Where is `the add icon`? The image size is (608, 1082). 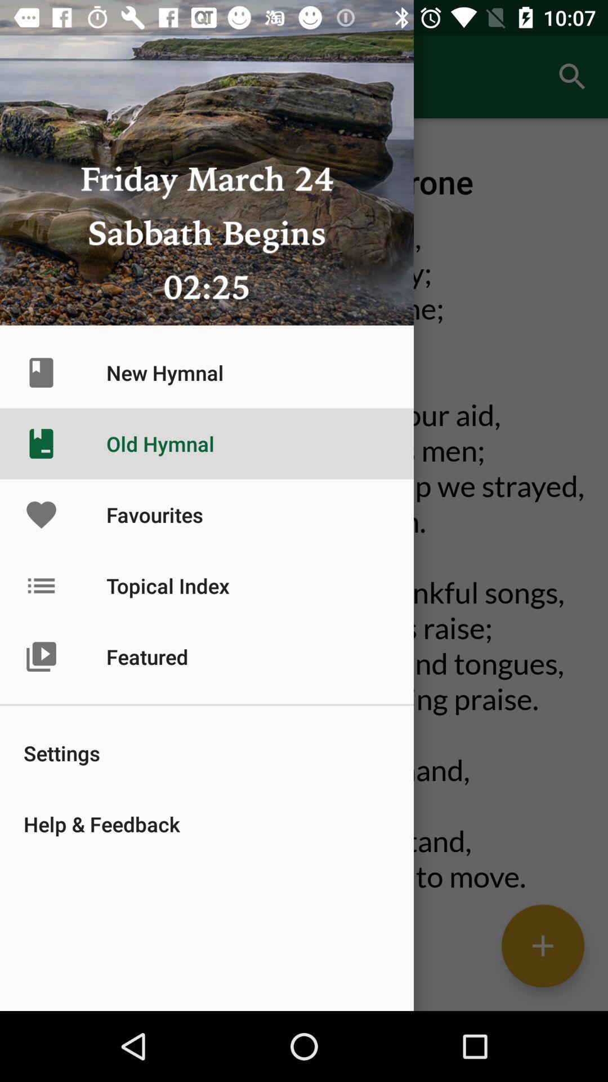
the add icon is located at coordinates (542, 946).